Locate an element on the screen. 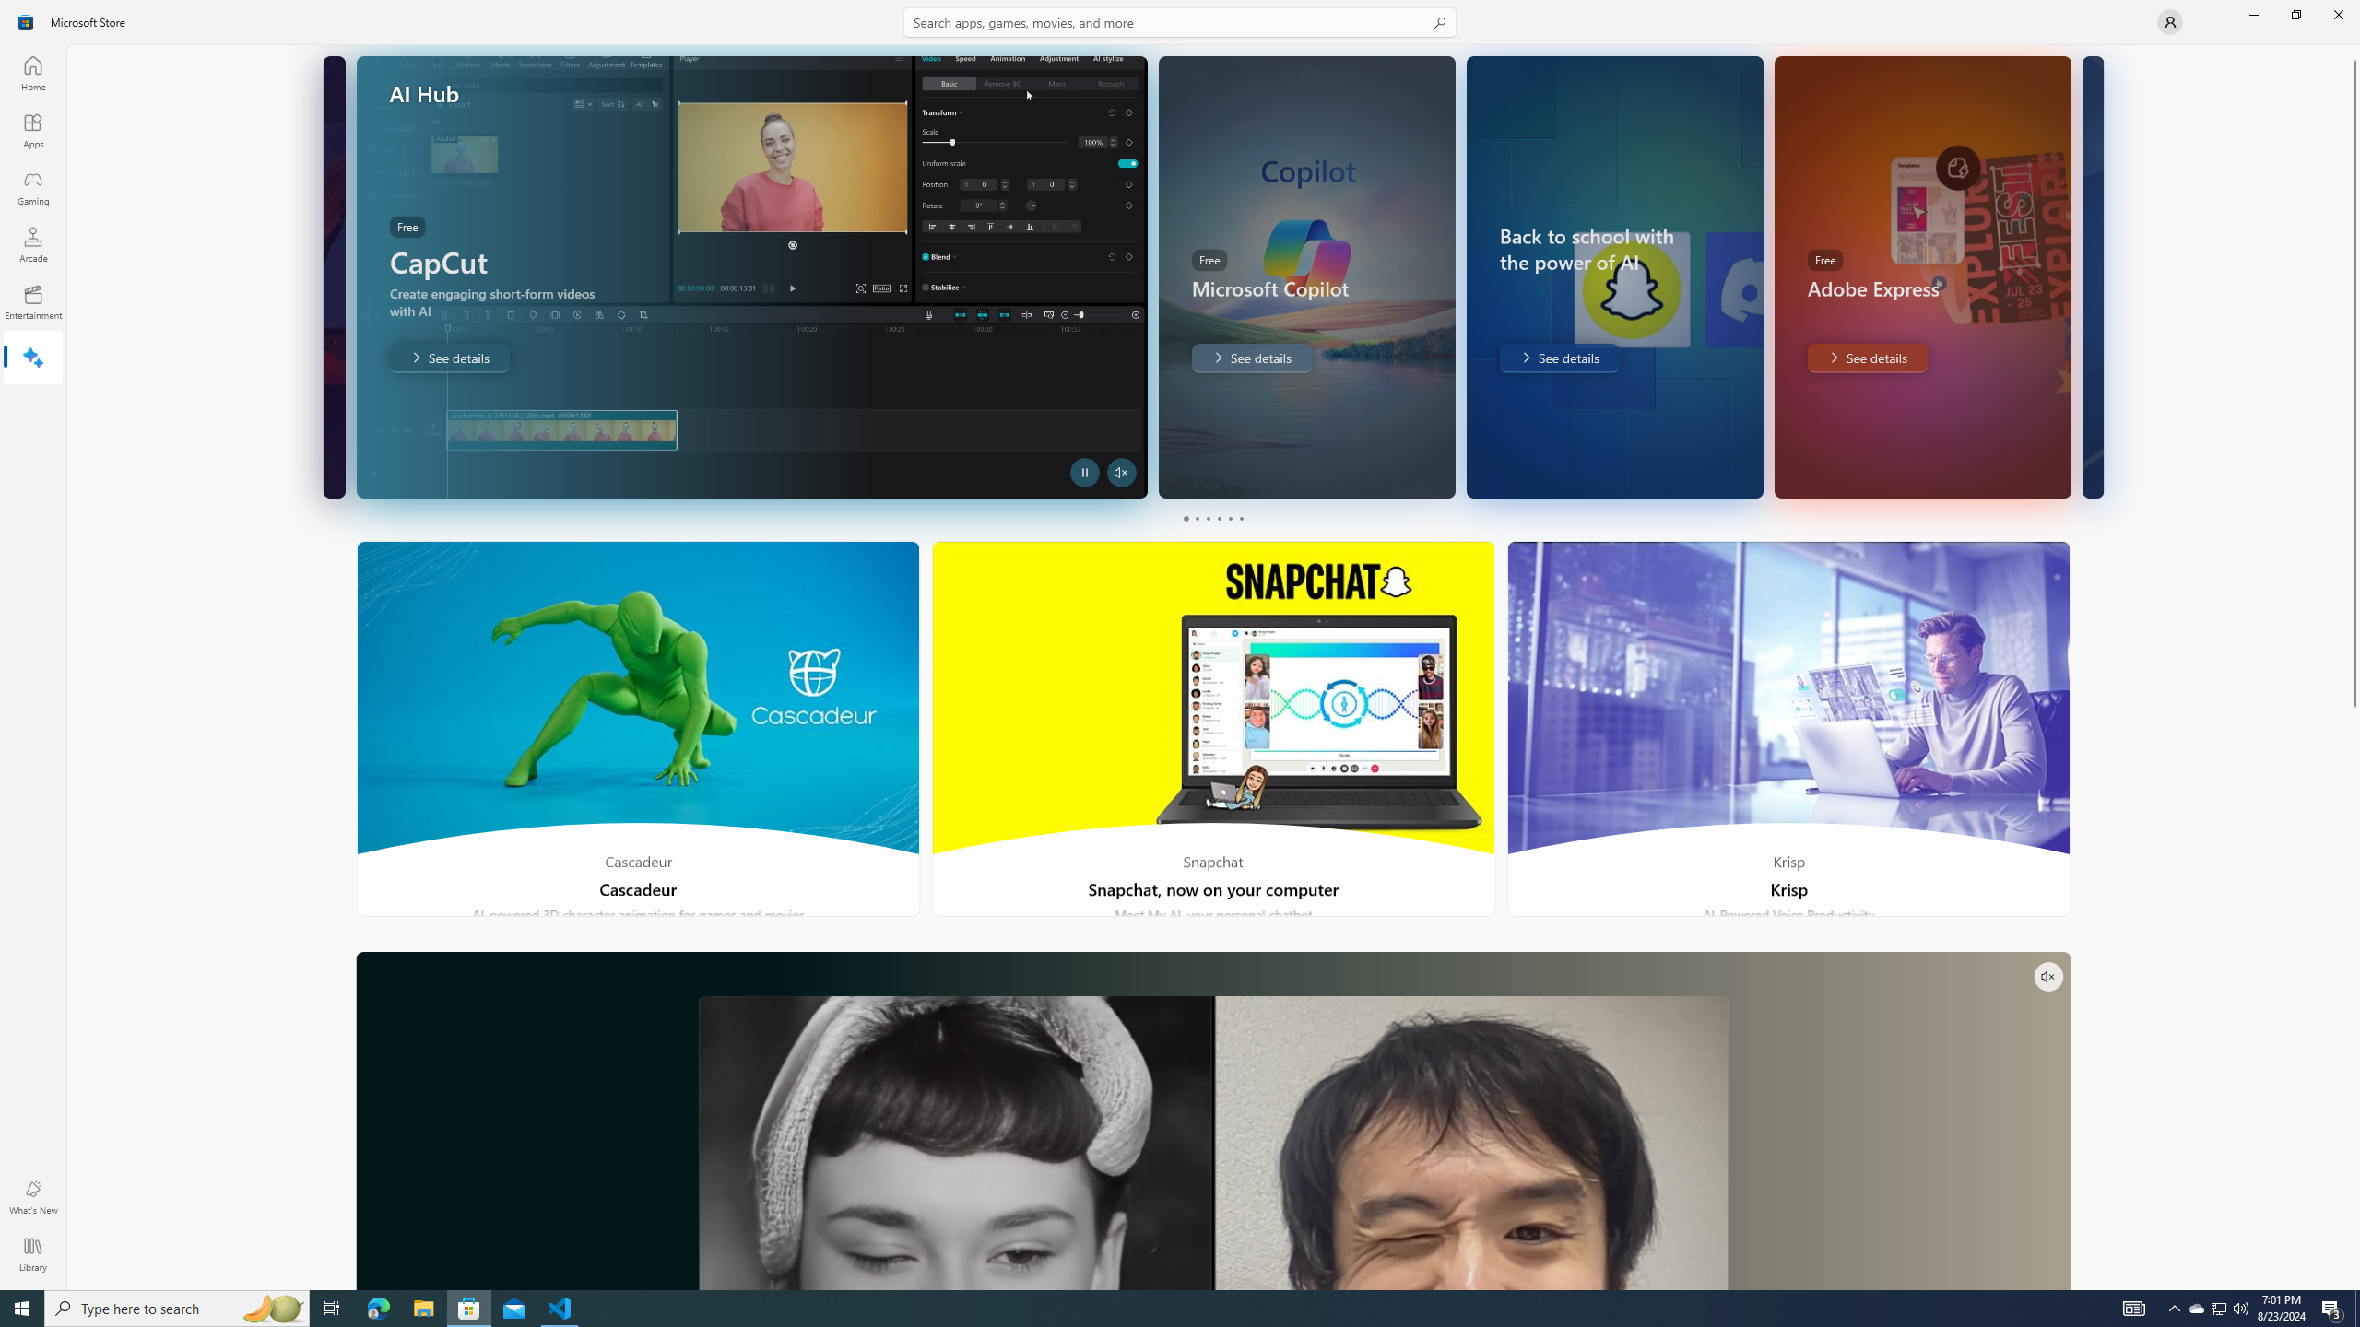  'Page 5' is located at coordinates (1228, 518).